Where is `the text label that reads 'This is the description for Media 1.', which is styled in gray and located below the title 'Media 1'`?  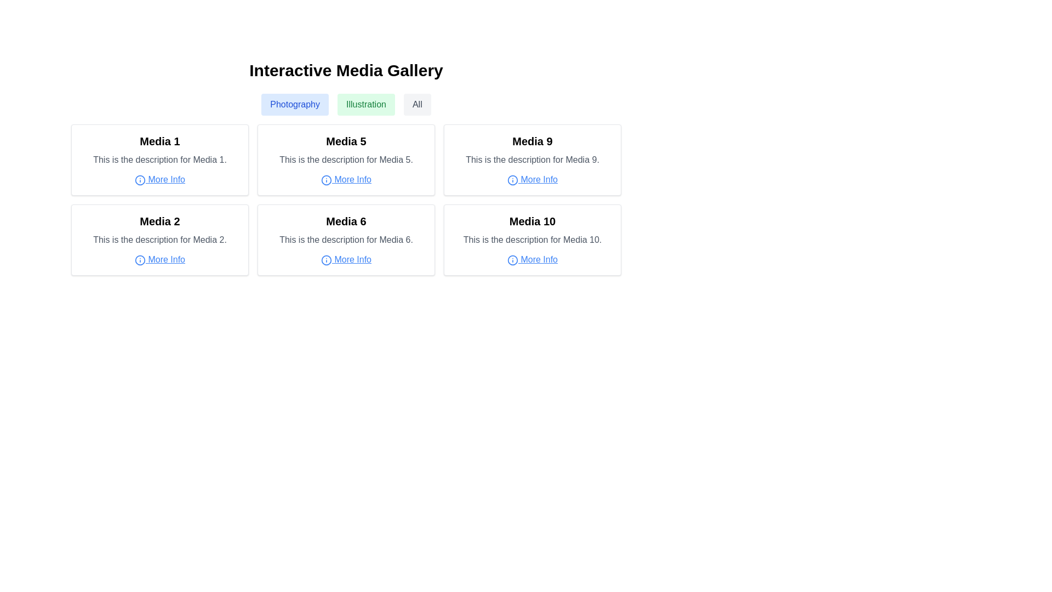 the text label that reads 'This is the description for Media 1.', which is styled in gray and located below the title 'Media 1' is located at coordinates (159, 160).